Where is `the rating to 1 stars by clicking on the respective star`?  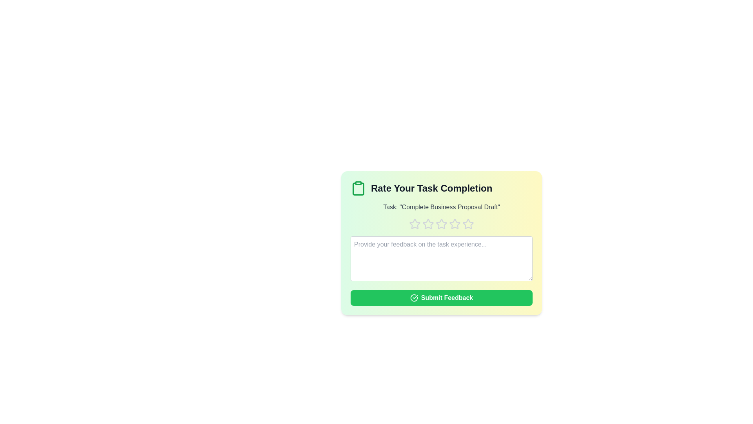
the rating to 1 stars by clicking on the respective star is located at coordinates (414, 224).